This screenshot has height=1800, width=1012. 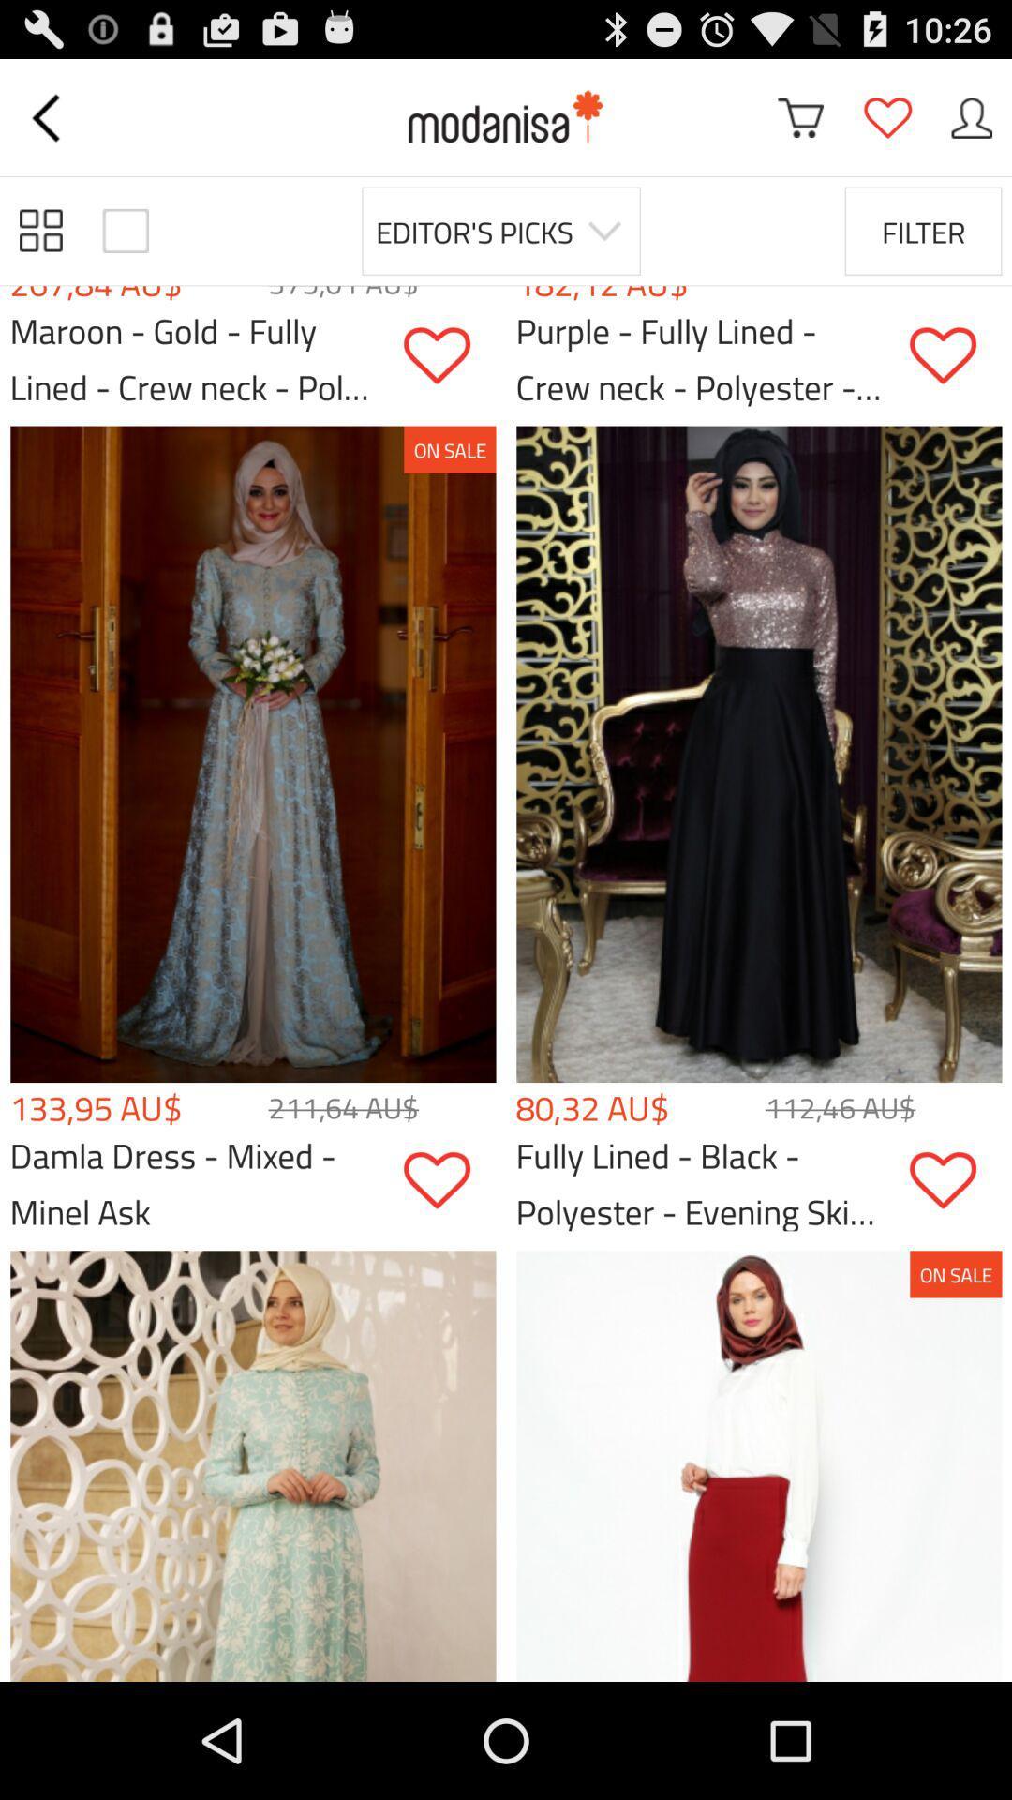 I want to click on modanisa, so click(x=506, y=116).